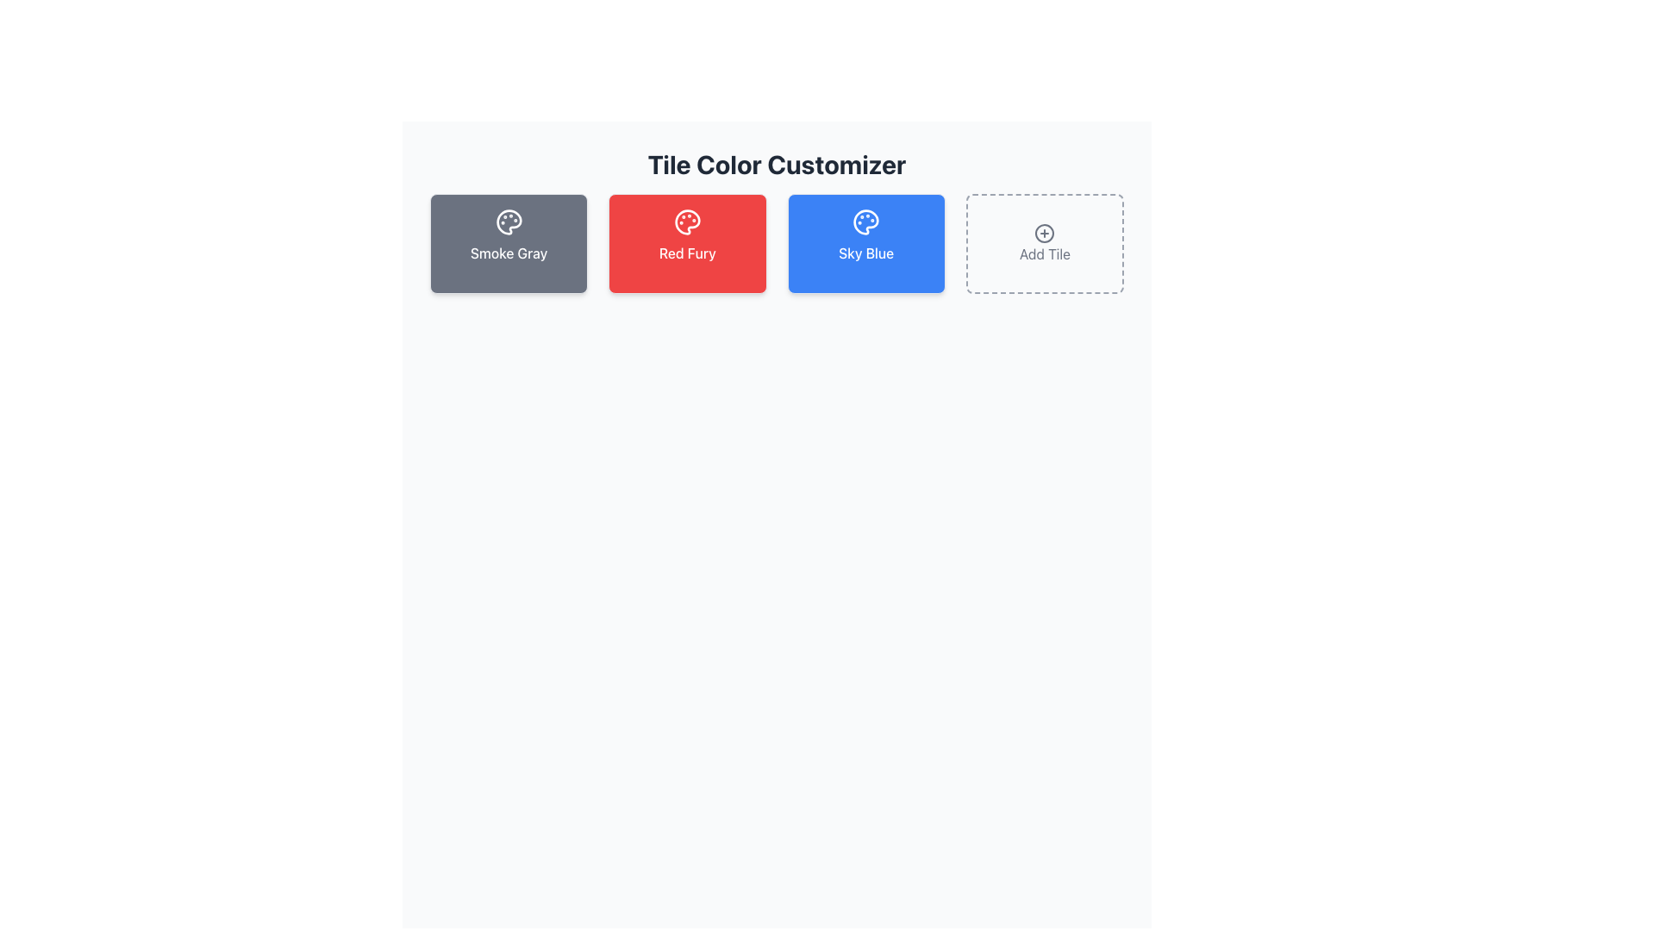 The image size is (1655, 931). Describe the element at coordinates (866, 222) in the screenshot. I see `the decorative icon representing the 'Sky Blue' tile in the tile selection interface` at that location.